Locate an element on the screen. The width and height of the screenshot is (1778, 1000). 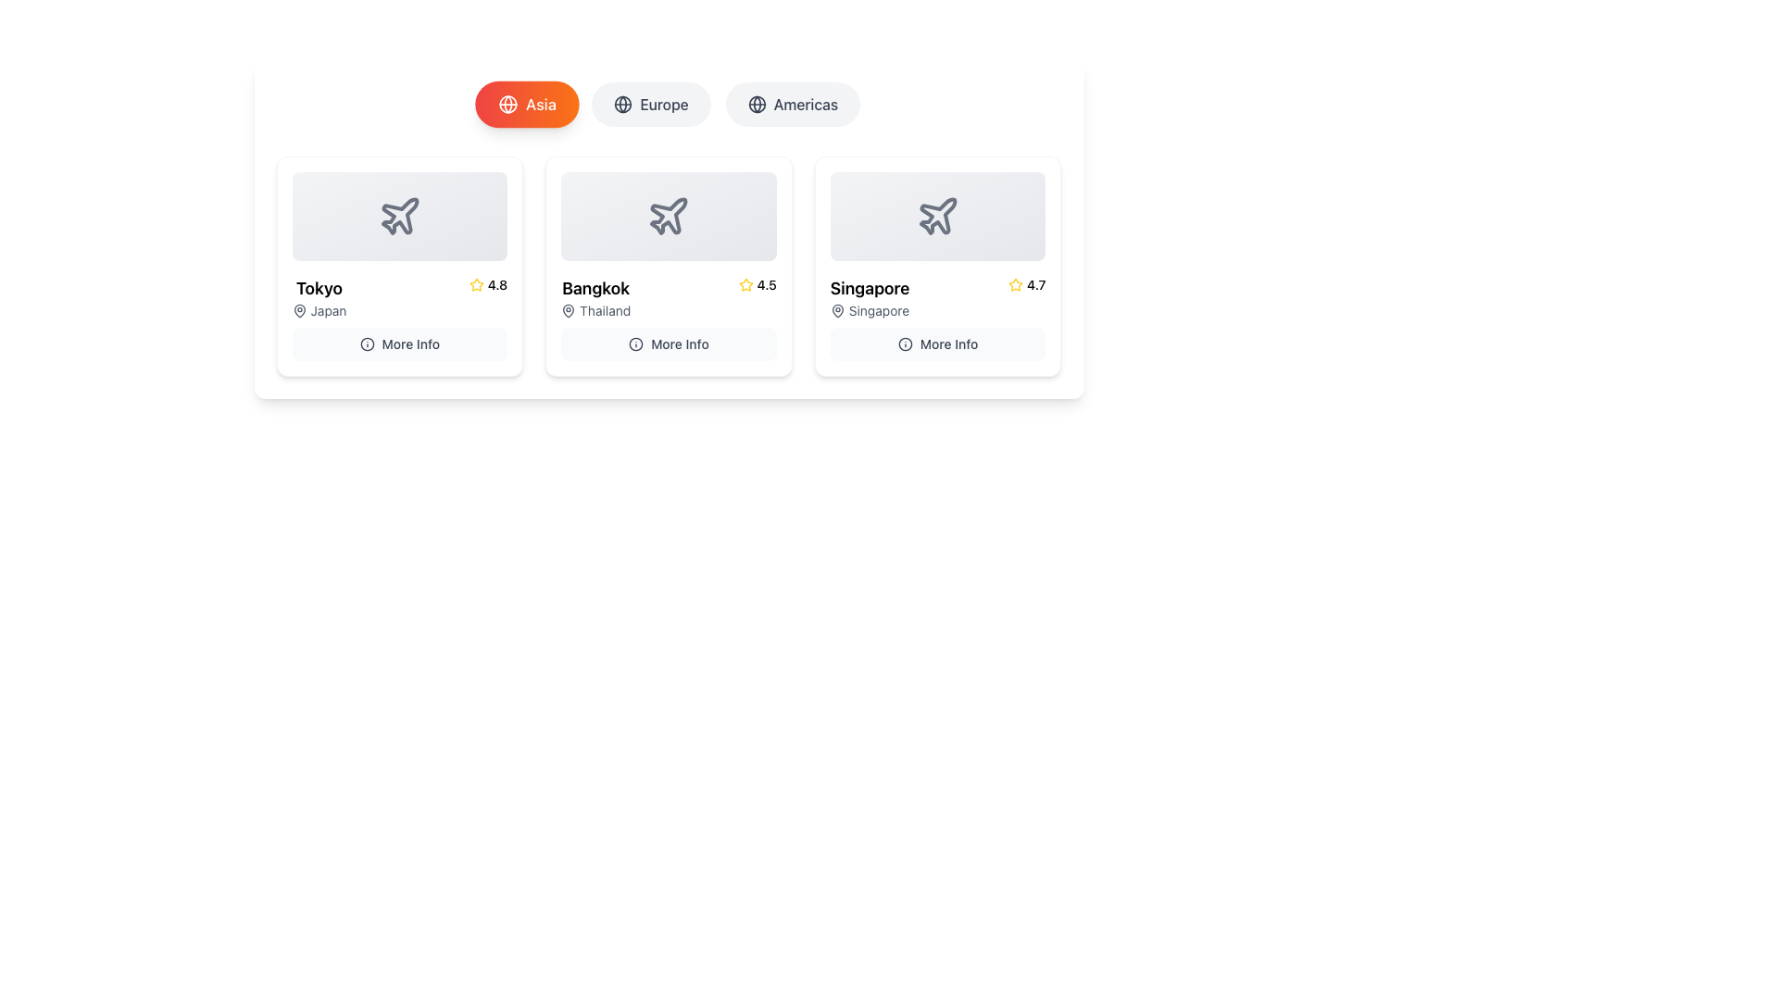
the Static content card labeled 'Tokyo' with a subtitle 'Japan', which is the first card in a horizontal list, featuring a centered airplane icon is located at coordinates (398, 216).